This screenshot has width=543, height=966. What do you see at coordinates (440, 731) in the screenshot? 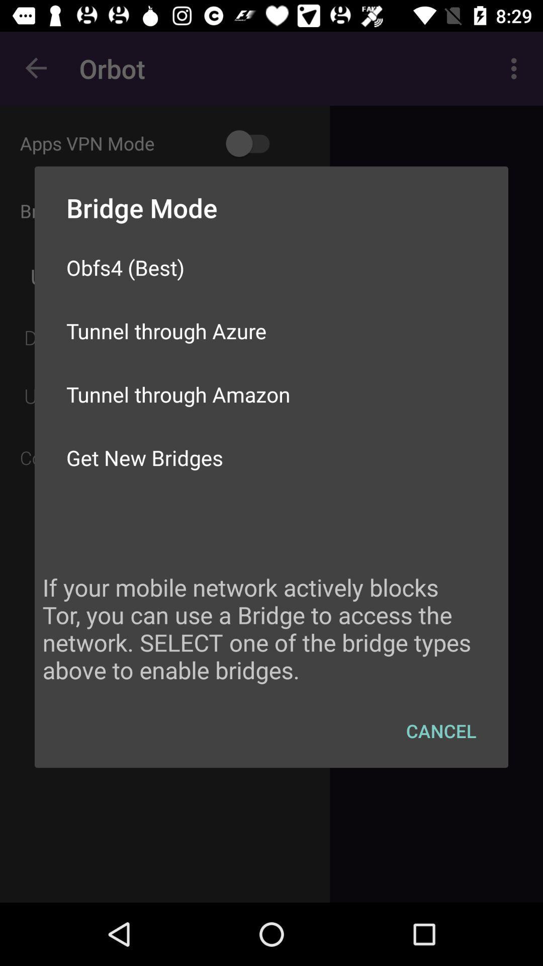
I see `the icon below if your mobile` at bounding box center [440, 731].